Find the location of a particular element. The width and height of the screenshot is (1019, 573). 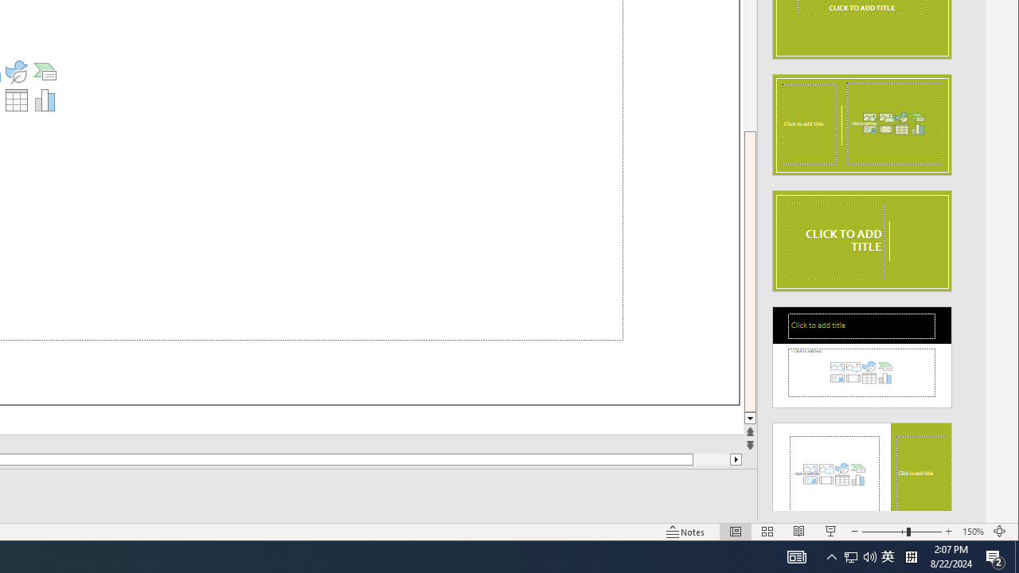

'Insert Table' is located at coordinates (17, 99).